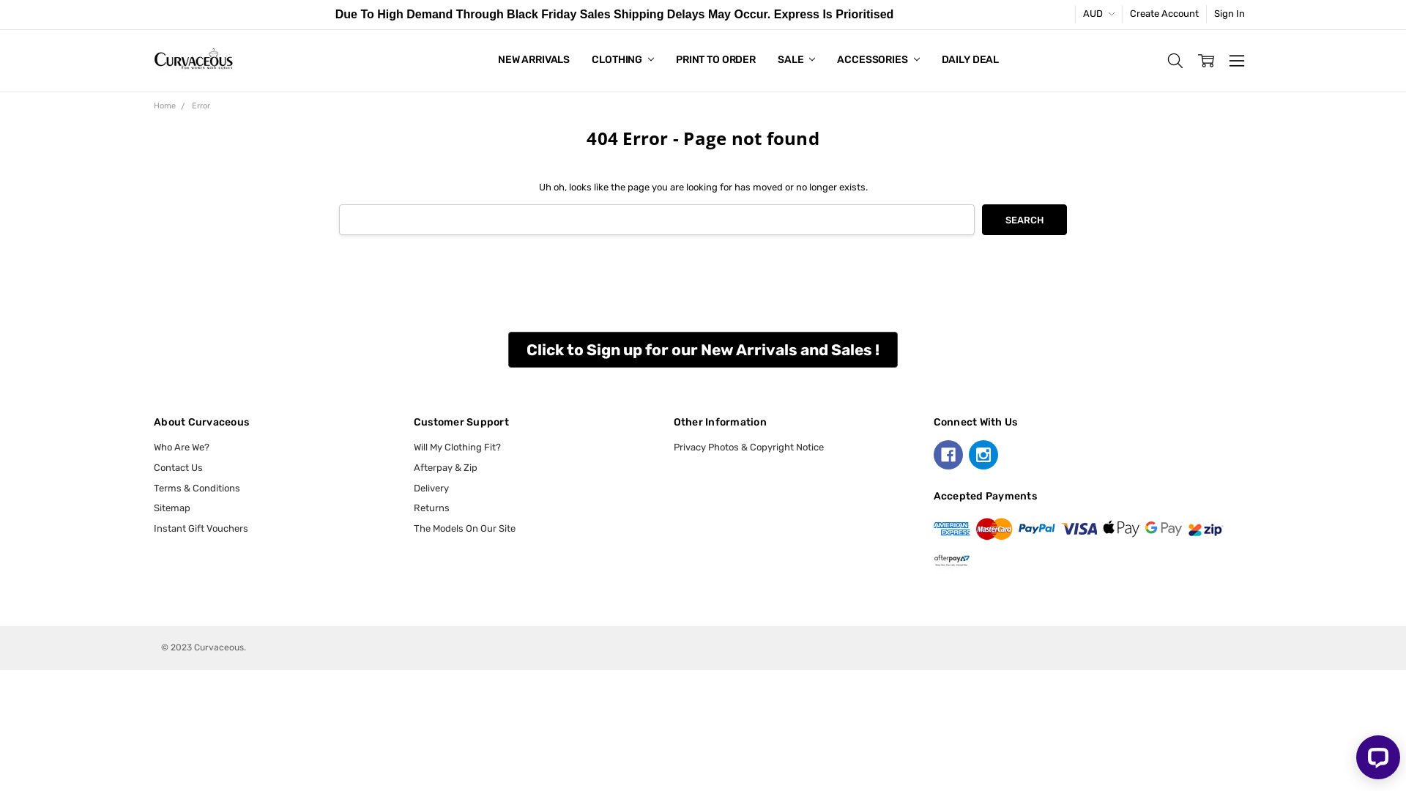 This screenshot has width=1406, height=791. What do you see at coordinates (181, 446) in the screenshot?
I see `'Who Are We?'` at bounding box center [181, 446].